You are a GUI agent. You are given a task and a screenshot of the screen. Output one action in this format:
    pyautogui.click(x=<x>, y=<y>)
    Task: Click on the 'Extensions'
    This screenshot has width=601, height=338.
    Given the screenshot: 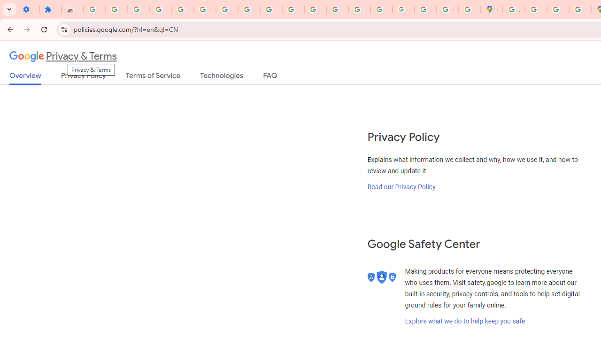 What is the action you would take?
    pyautogui.click(x=50, y=9)
    